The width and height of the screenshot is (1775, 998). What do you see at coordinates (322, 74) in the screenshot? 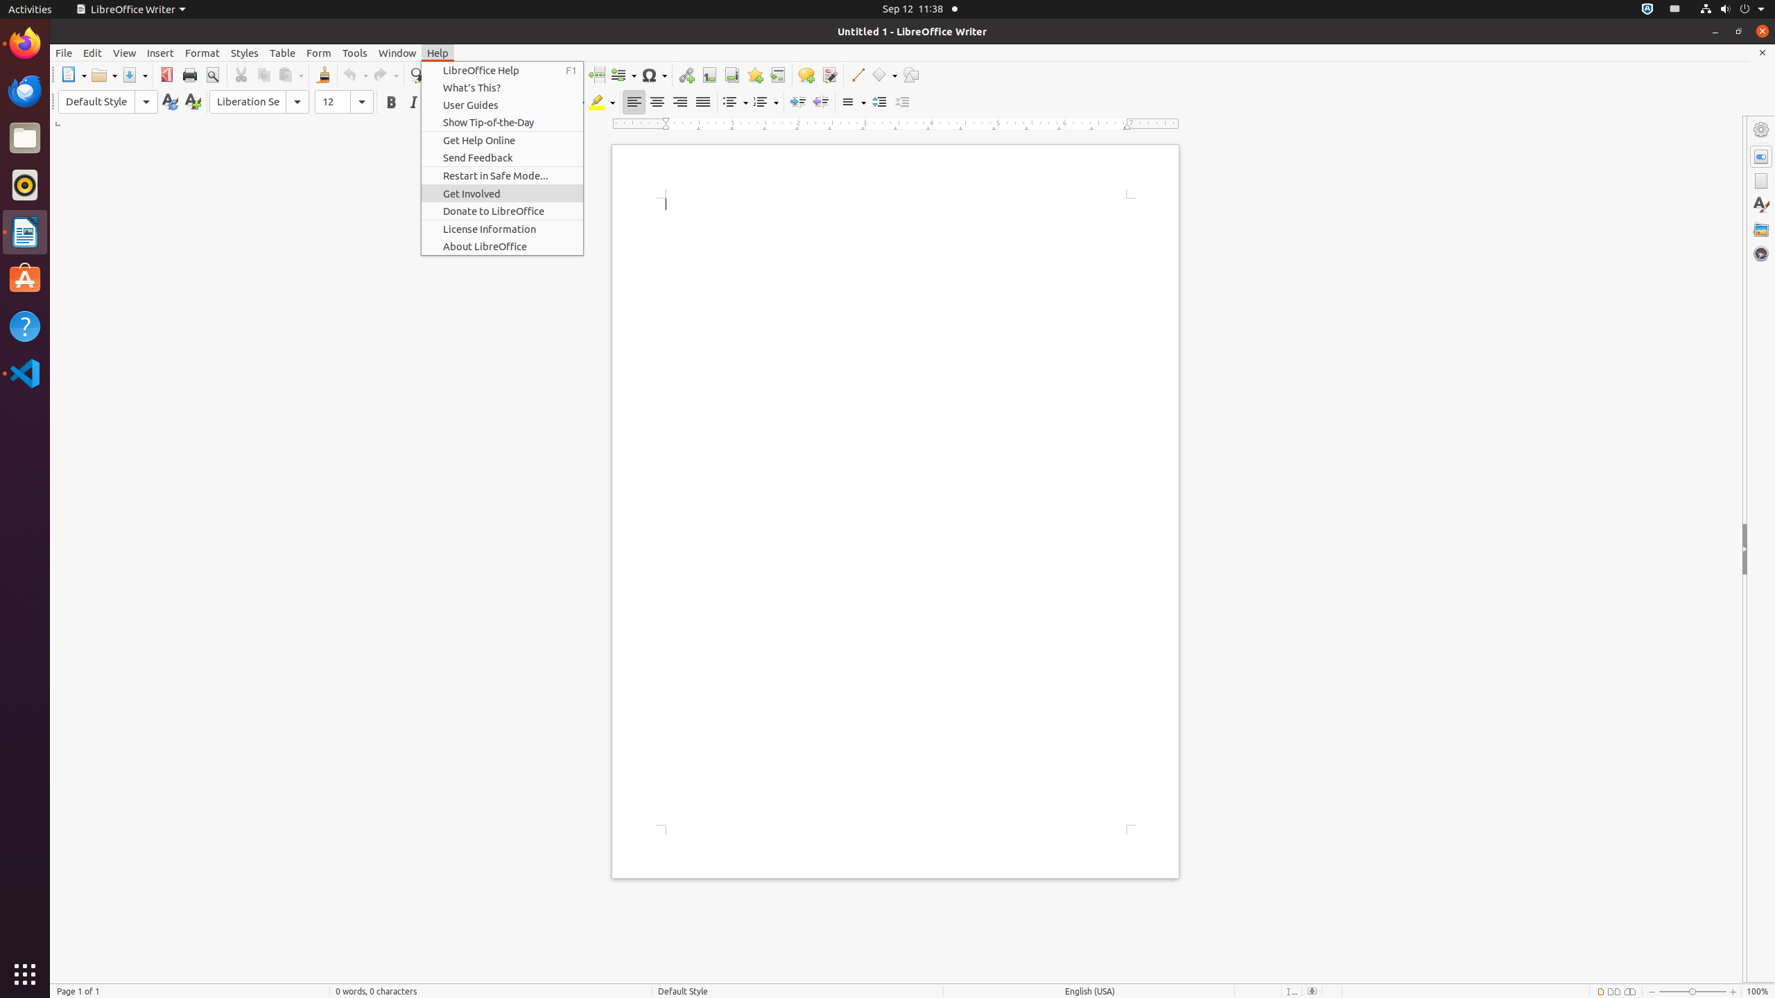
I see `'Clone'` at bounding box center [322, 74].